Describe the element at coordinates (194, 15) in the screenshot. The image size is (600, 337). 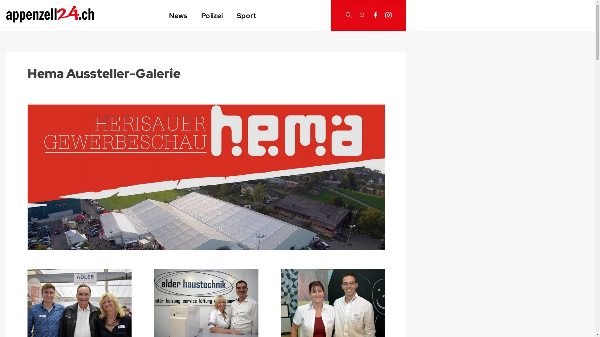
I see `'Polizei'` at that location.